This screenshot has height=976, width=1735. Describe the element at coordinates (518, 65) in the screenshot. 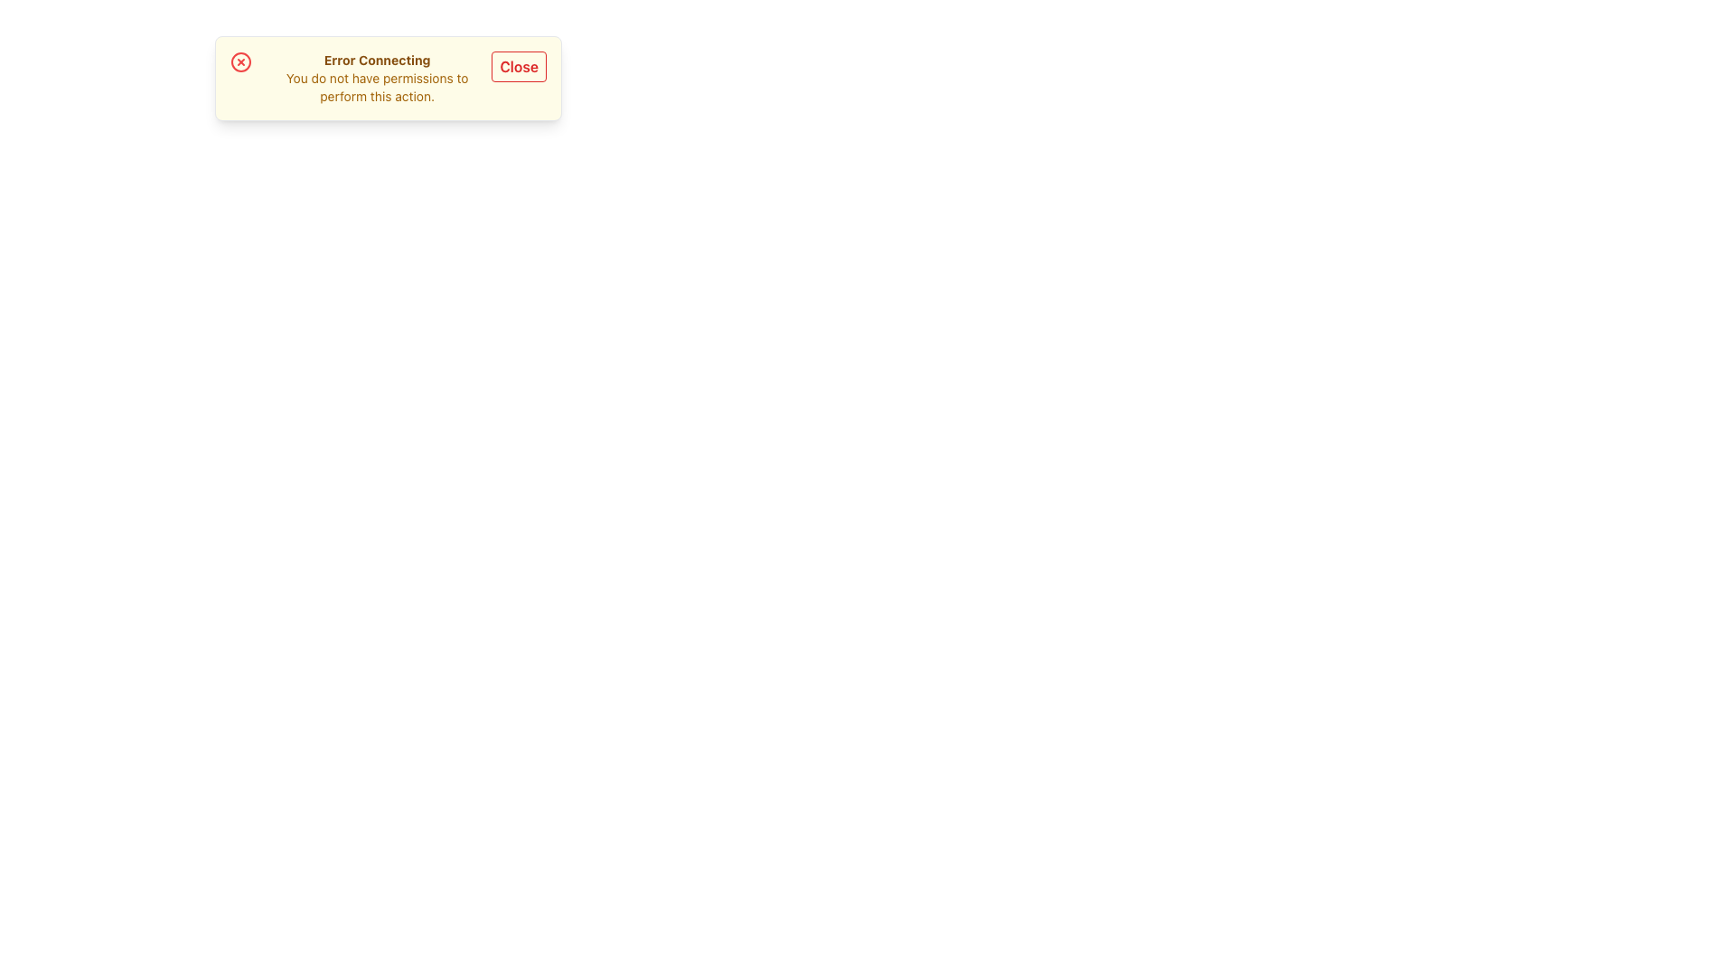

I see `the 'Close' button with red text and border located at the top-right corner of the notification header` at that location.